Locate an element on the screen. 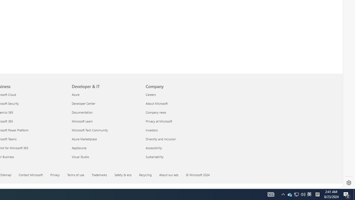  'Microsoft Learn Developer & IT' is located at coordinates (82, 121).